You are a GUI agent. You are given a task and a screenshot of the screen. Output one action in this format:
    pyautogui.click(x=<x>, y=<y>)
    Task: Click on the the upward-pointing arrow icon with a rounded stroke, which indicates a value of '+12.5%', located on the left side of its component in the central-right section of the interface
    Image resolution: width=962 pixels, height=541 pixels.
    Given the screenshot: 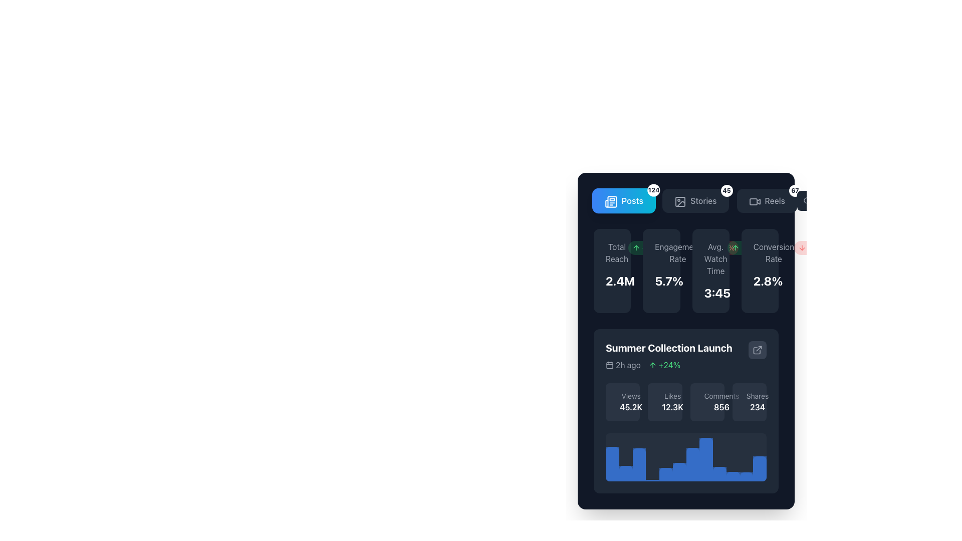 What is the action you would take?
    pyautogui.click(x=735, y=247)
    